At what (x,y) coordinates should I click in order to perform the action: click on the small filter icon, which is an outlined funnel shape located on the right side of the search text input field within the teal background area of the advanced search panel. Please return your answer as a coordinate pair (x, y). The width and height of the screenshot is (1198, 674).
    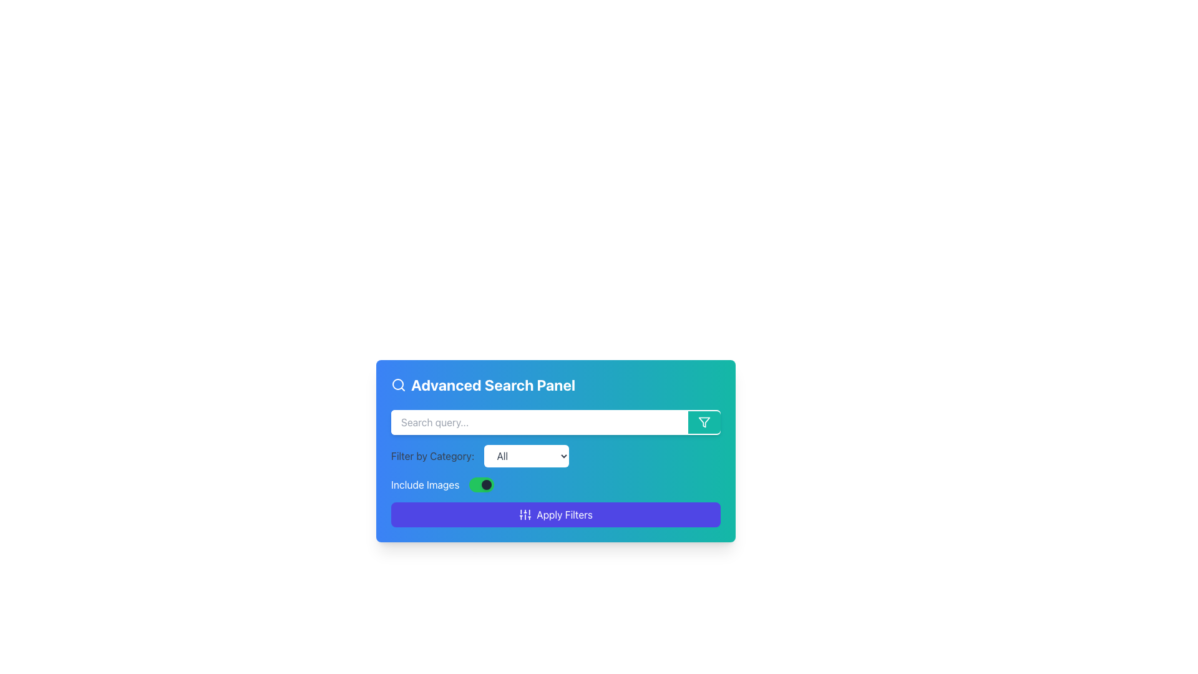
    Looking at the image, I should click on (704, 422).